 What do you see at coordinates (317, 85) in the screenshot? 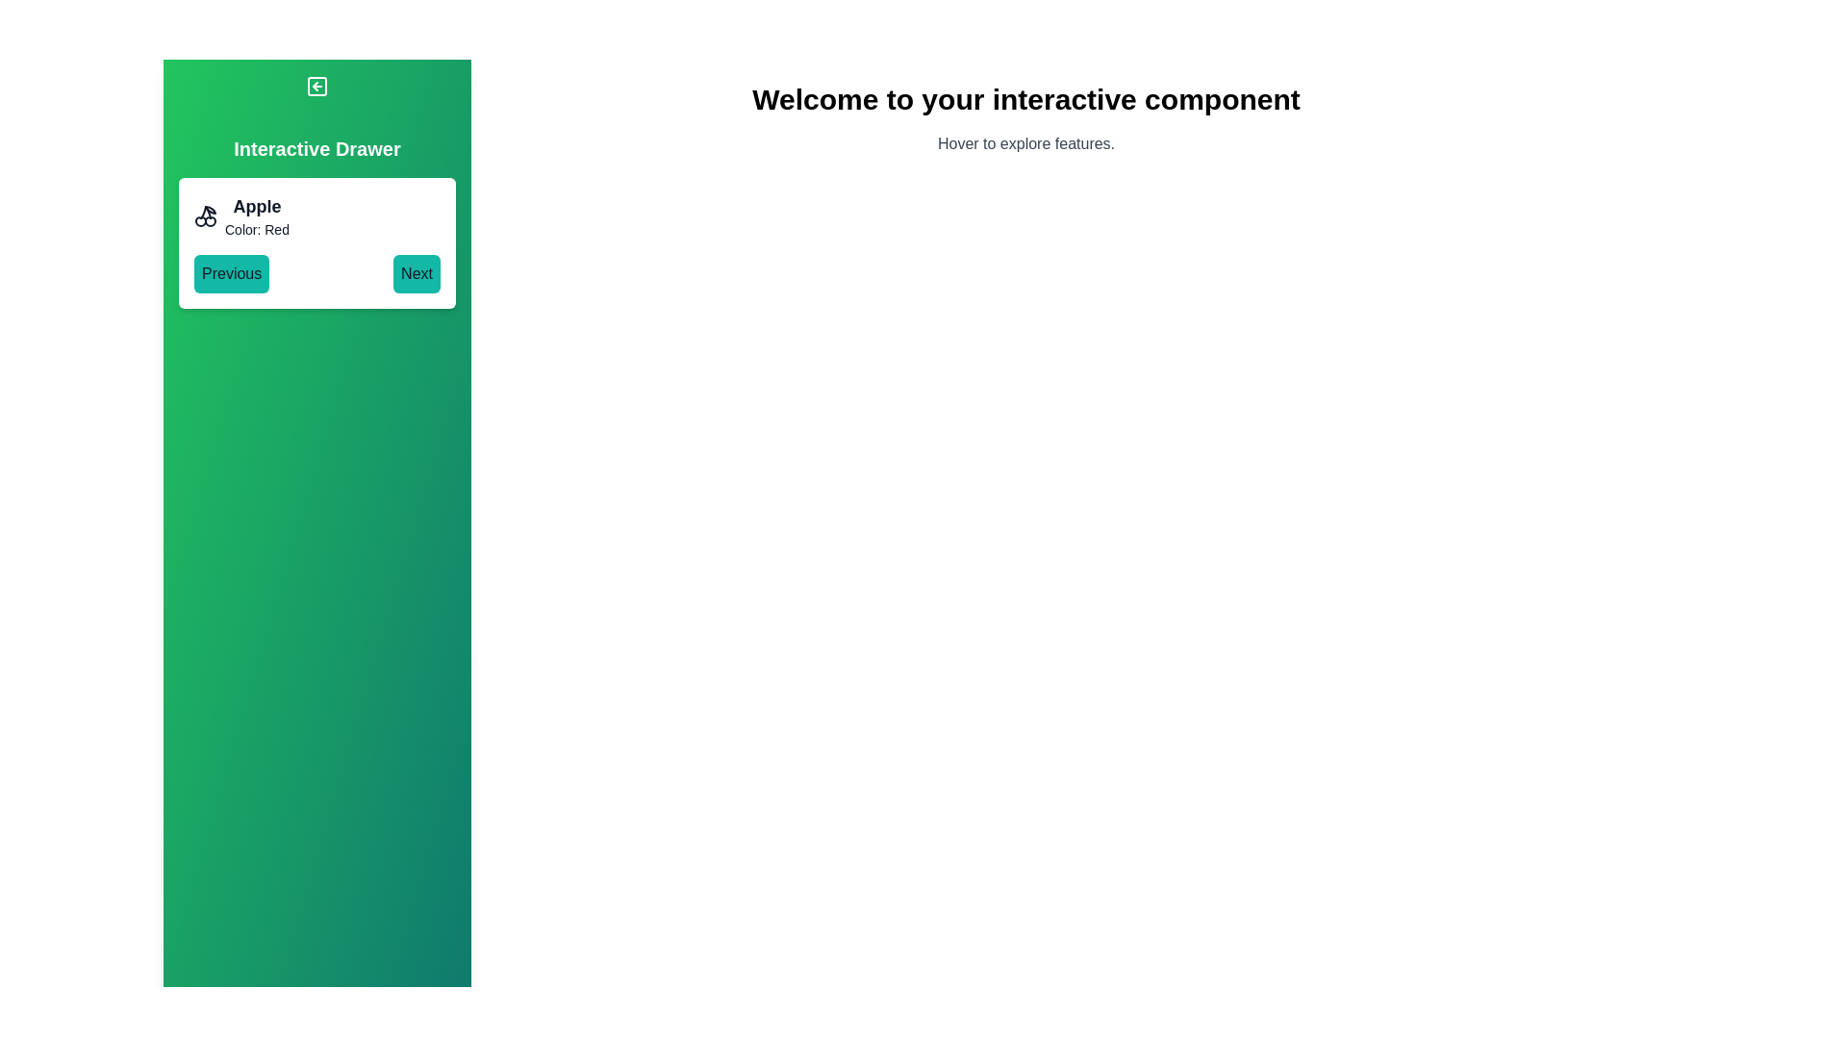
I see `the toggle button to change the drawer's expanded state` at bounding box center [317, 85].